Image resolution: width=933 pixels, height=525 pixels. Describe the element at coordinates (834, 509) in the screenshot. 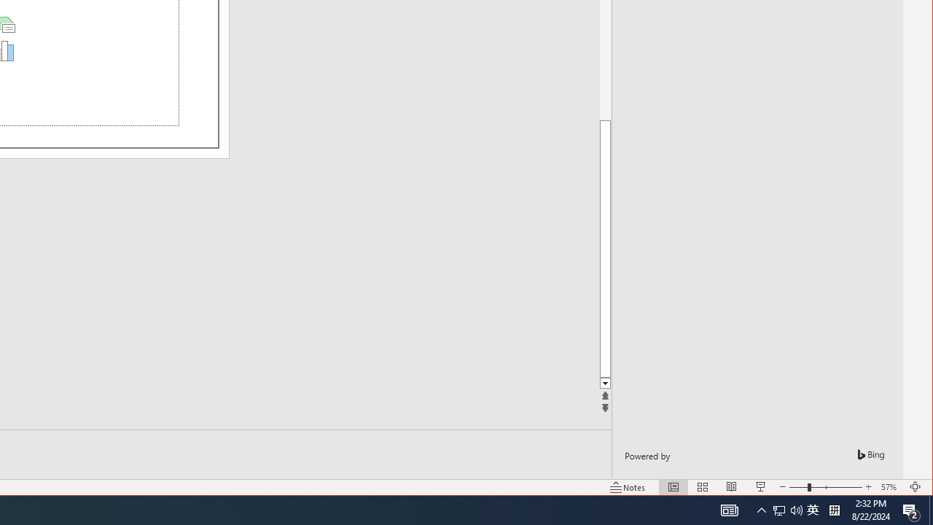

I see `'Tray Input Indicator - Chinese (Simplified, China)'` at that location.